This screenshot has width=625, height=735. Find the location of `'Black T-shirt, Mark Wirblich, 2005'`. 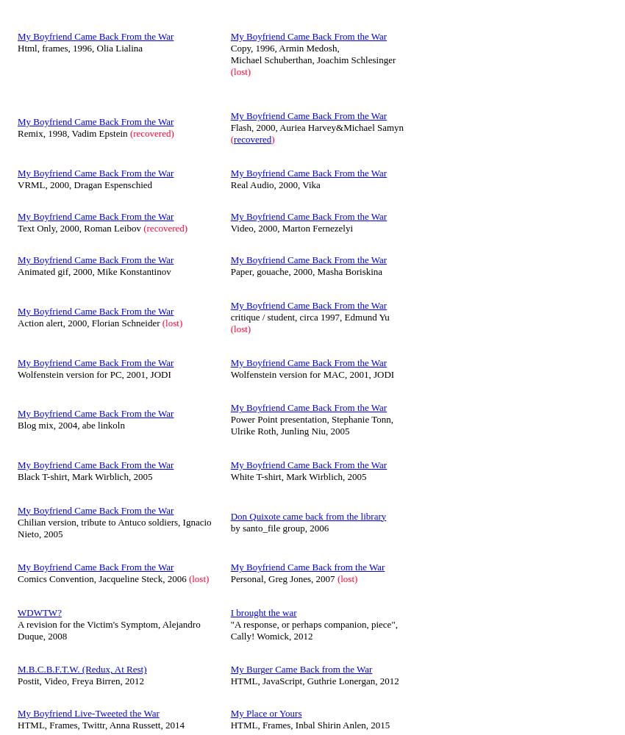

'Black T-shirt, Mark Wirblich, 2005' is located at coordinates (84, 476).